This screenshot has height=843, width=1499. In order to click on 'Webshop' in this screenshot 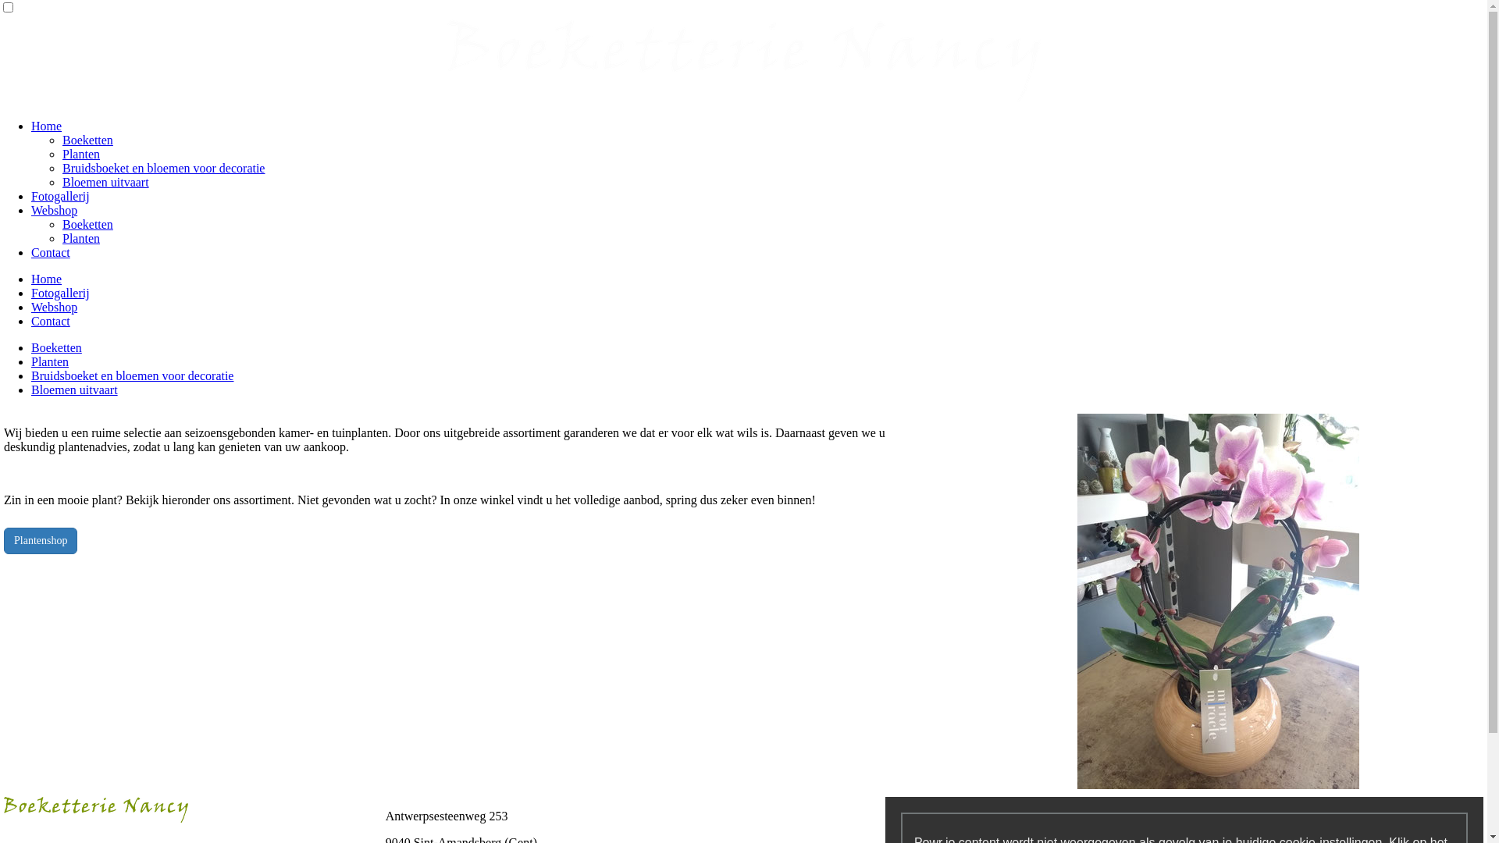, I will do `click(54, 209)`.